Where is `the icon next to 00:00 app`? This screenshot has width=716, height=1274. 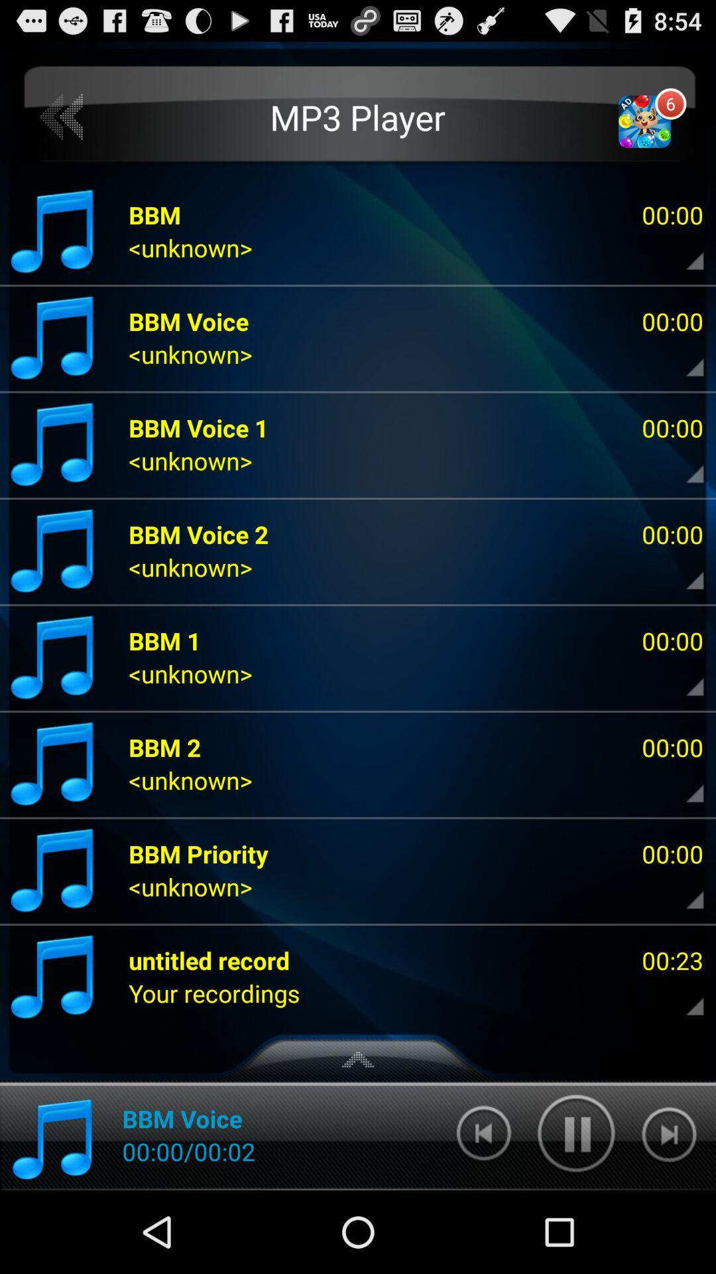 the icon next to 00:00 app is located at coordinates (198, 853).